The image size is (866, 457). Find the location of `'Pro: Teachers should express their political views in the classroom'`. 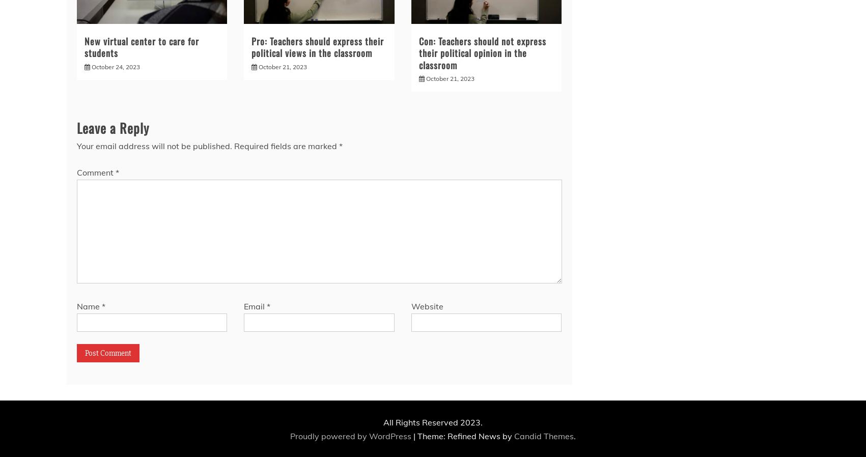

'Pro: Teachers should express their political views in the classroom' is located at coordinates (251, 46).